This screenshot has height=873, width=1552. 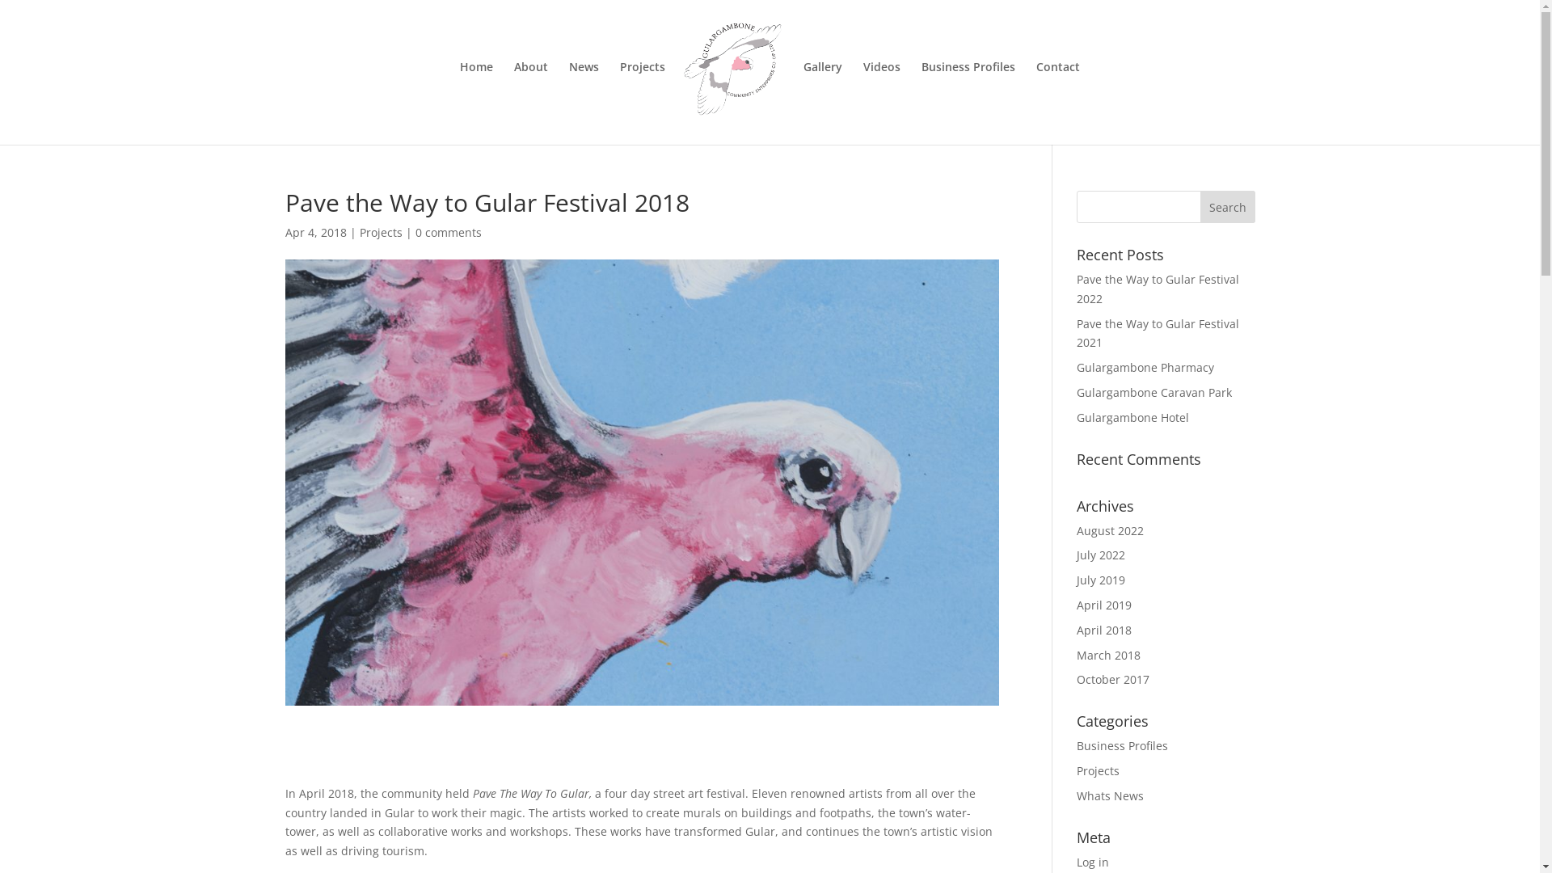 I want to click on 'Pave the Way to Gular Festival 2021', so click(x=1157, y=332).